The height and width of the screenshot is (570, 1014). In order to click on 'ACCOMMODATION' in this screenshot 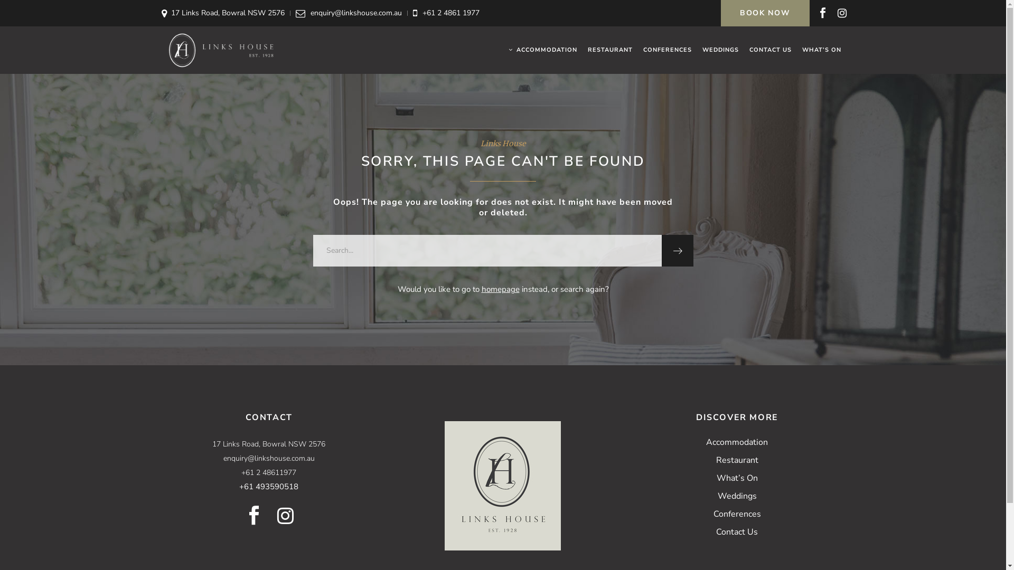, I will do `click(542, 50)`.